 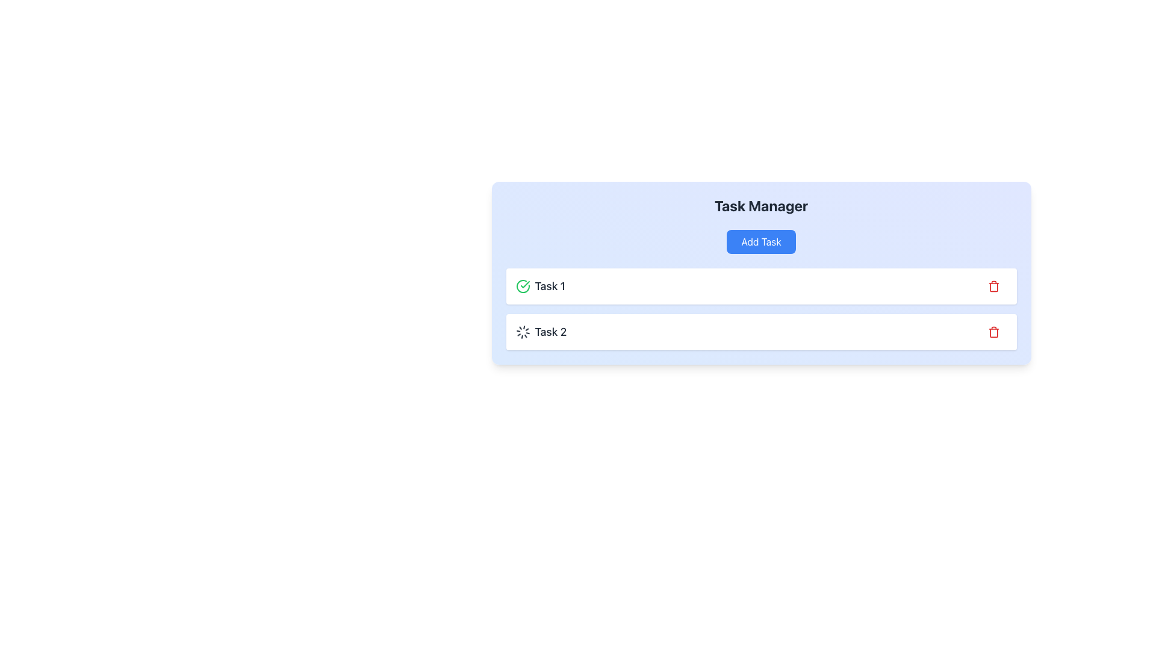 What do you see at coordinates (760, 205) in the screenshot?
I see `text of the header styled as bold and large with the content 'Task Manager', located at the top-center of the task management interface` at bounding box center [760, 205].